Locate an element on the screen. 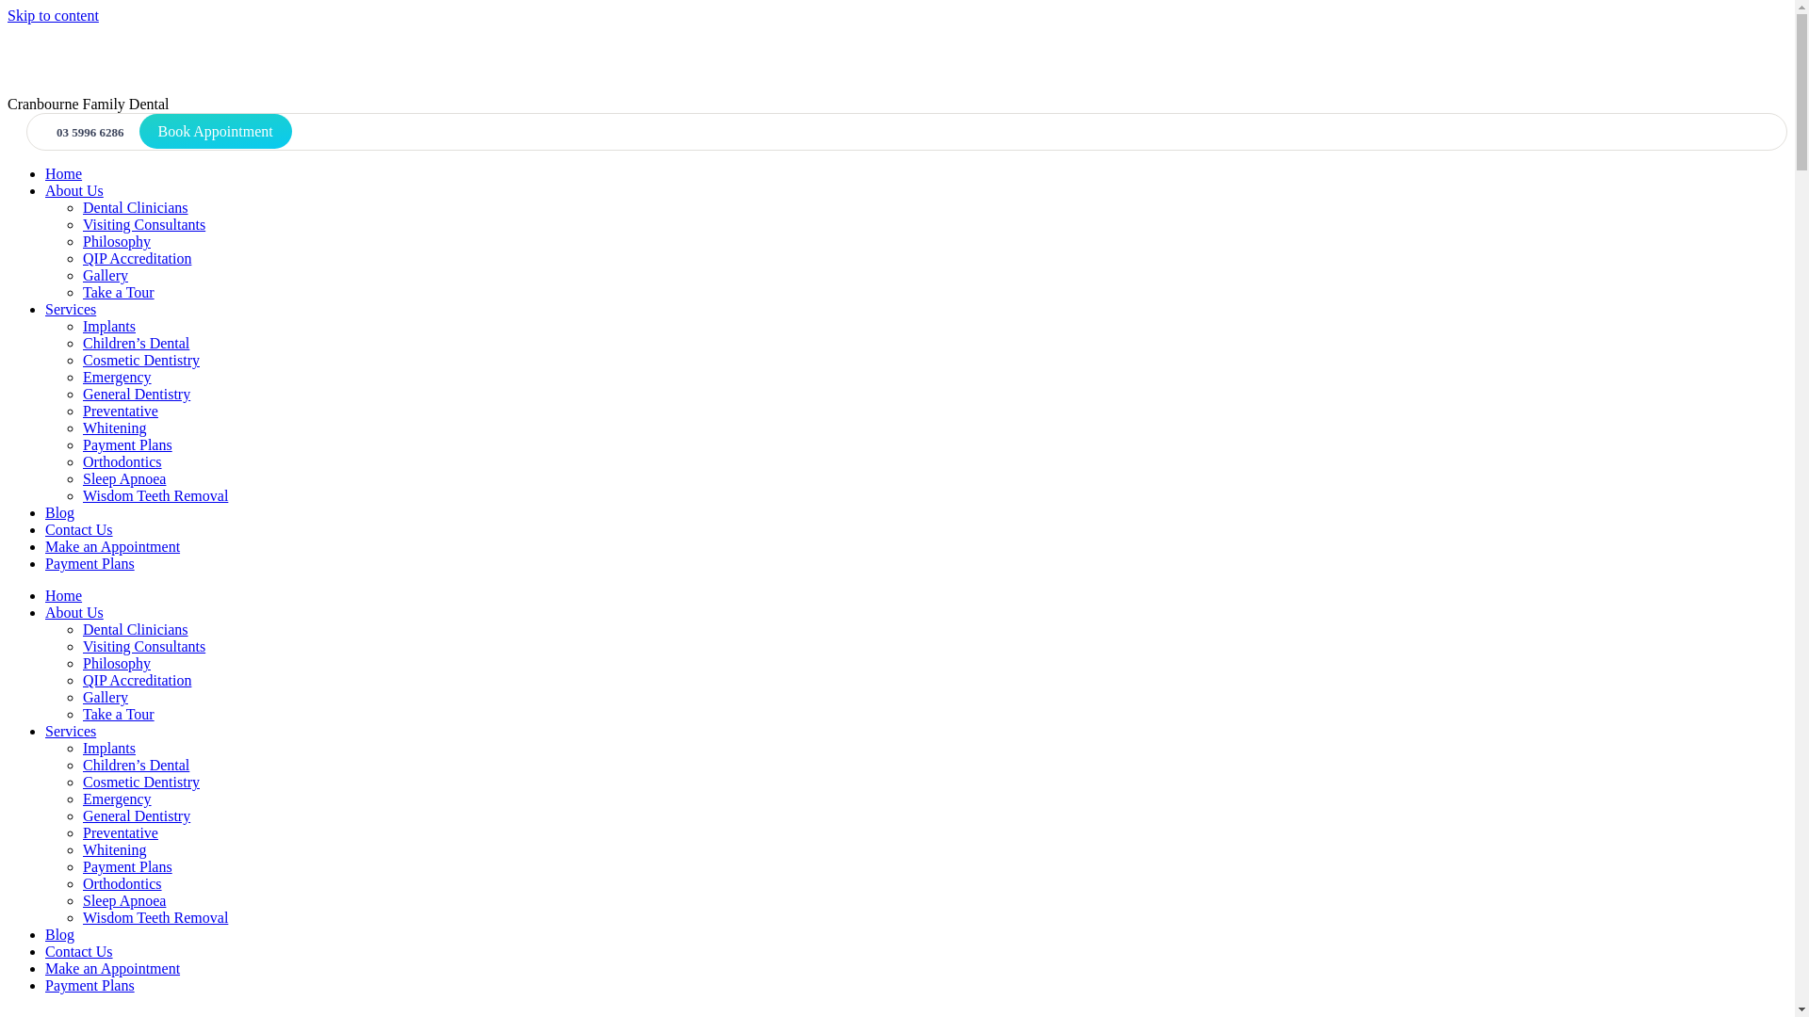 This screenshot has width=1809, height=1017. 'Whitening' is located at coordinates (113, 428).